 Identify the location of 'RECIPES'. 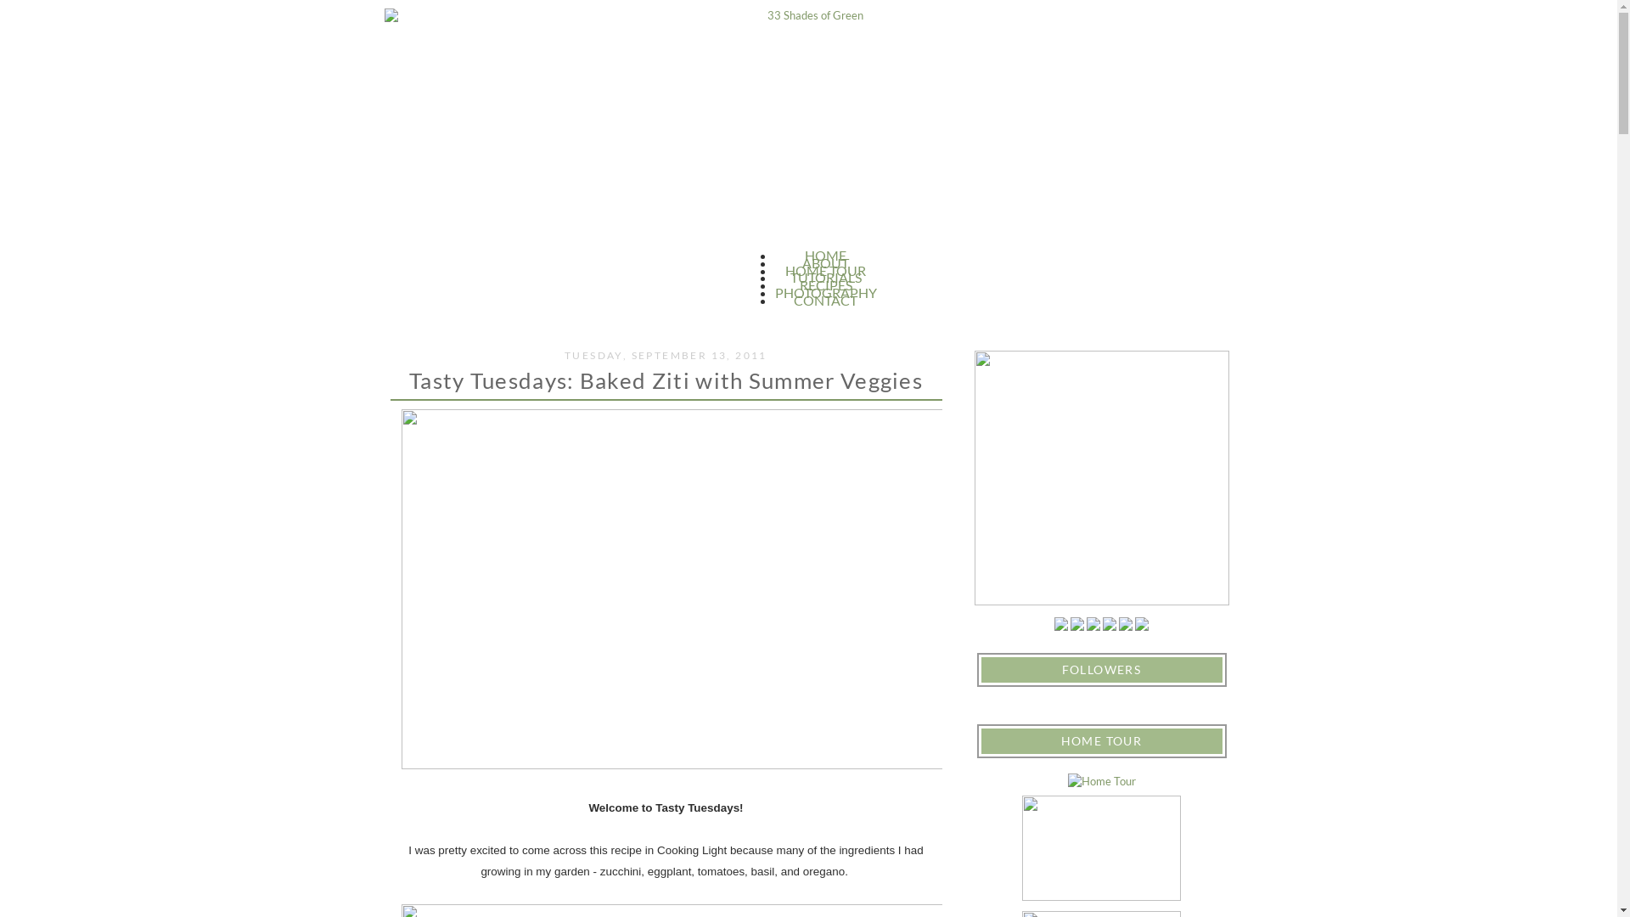
(798, 284).